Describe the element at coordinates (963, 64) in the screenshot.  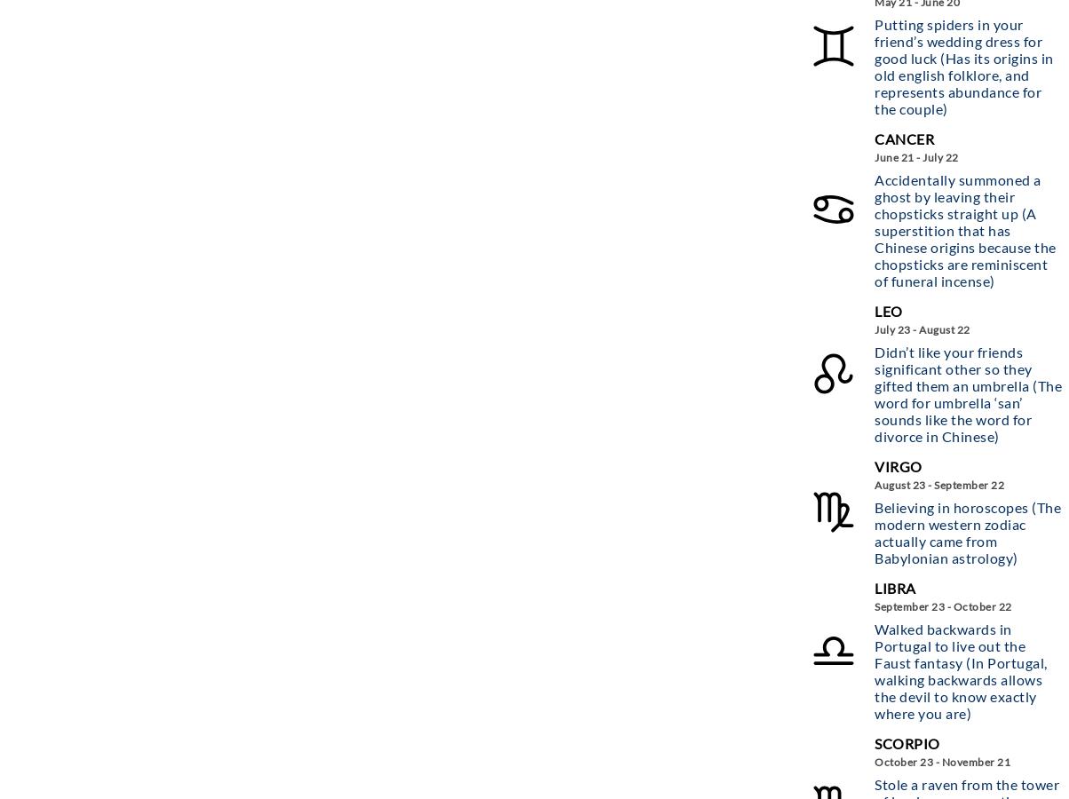
I see `'Putting spiders in your friend’s wedding dress for good luck (Has its origins in old english folklore, and represents abundance for the couple)'` at that location.